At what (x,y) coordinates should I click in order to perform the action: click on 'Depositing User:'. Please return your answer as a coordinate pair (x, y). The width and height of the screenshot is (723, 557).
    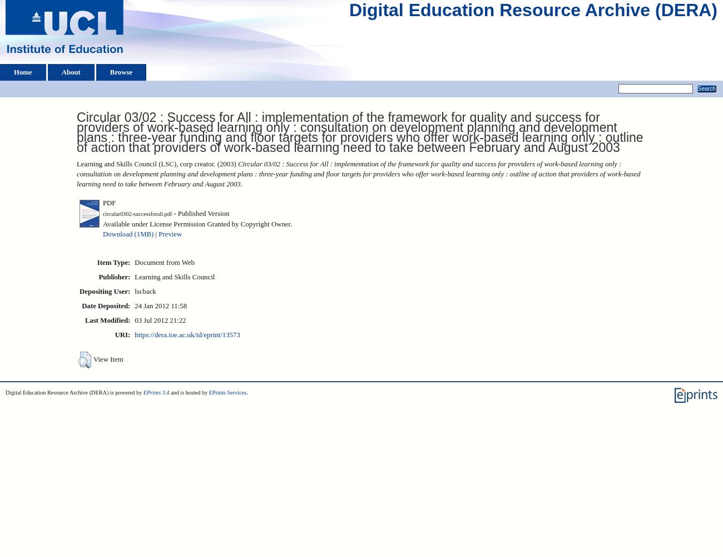
    Looking at the image, I should click on (105, 290).